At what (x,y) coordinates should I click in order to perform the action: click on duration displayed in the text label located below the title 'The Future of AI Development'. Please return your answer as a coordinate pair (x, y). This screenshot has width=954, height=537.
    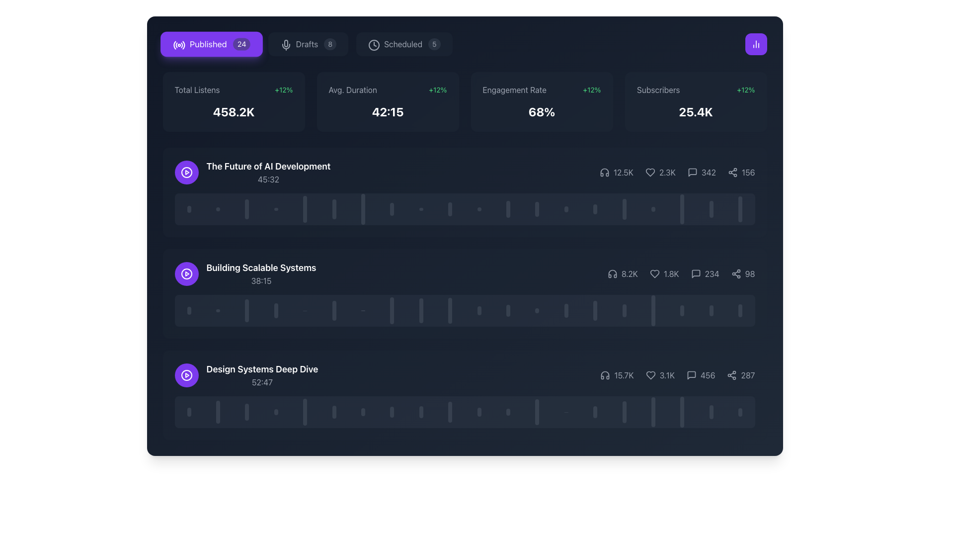
    Looking at the image, I should click on (268, 179).